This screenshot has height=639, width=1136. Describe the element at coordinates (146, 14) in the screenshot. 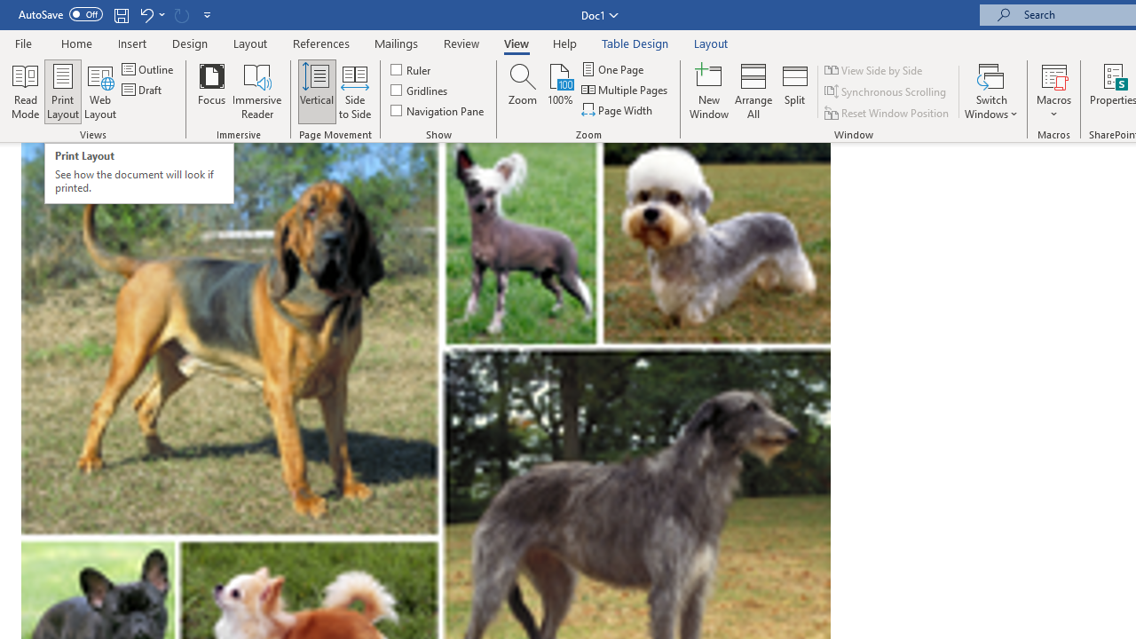

I see `'Undo Row Height Spinner'` at that location.